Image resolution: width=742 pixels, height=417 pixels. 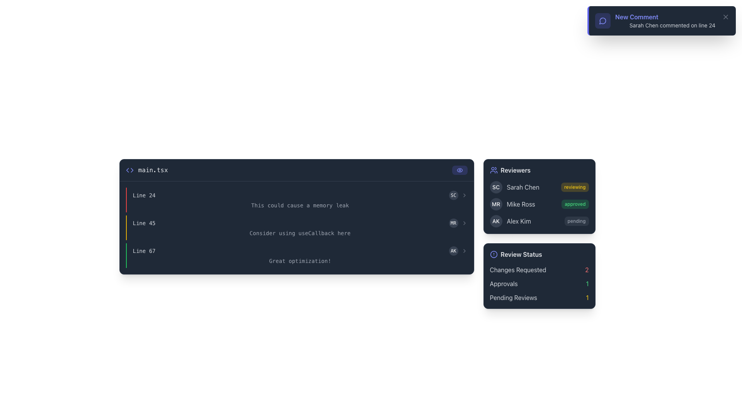 I want to click on the text label representing the 45th line in the code file, so click(x=144, y=223).